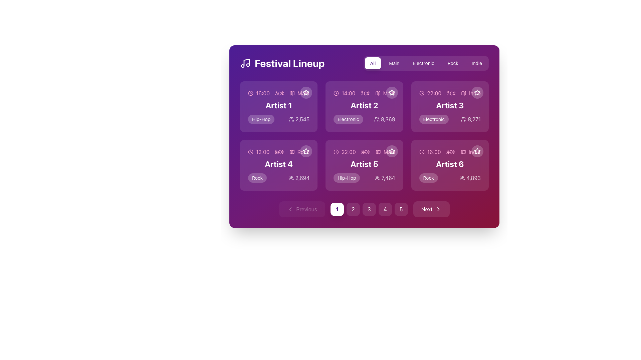 The width and height of the screenshot is (641, 360). I want to click on the text label displaying the time '16:00' rendered in light pink against a purple background, located in the top-left card of the interface, so click(262, 93).